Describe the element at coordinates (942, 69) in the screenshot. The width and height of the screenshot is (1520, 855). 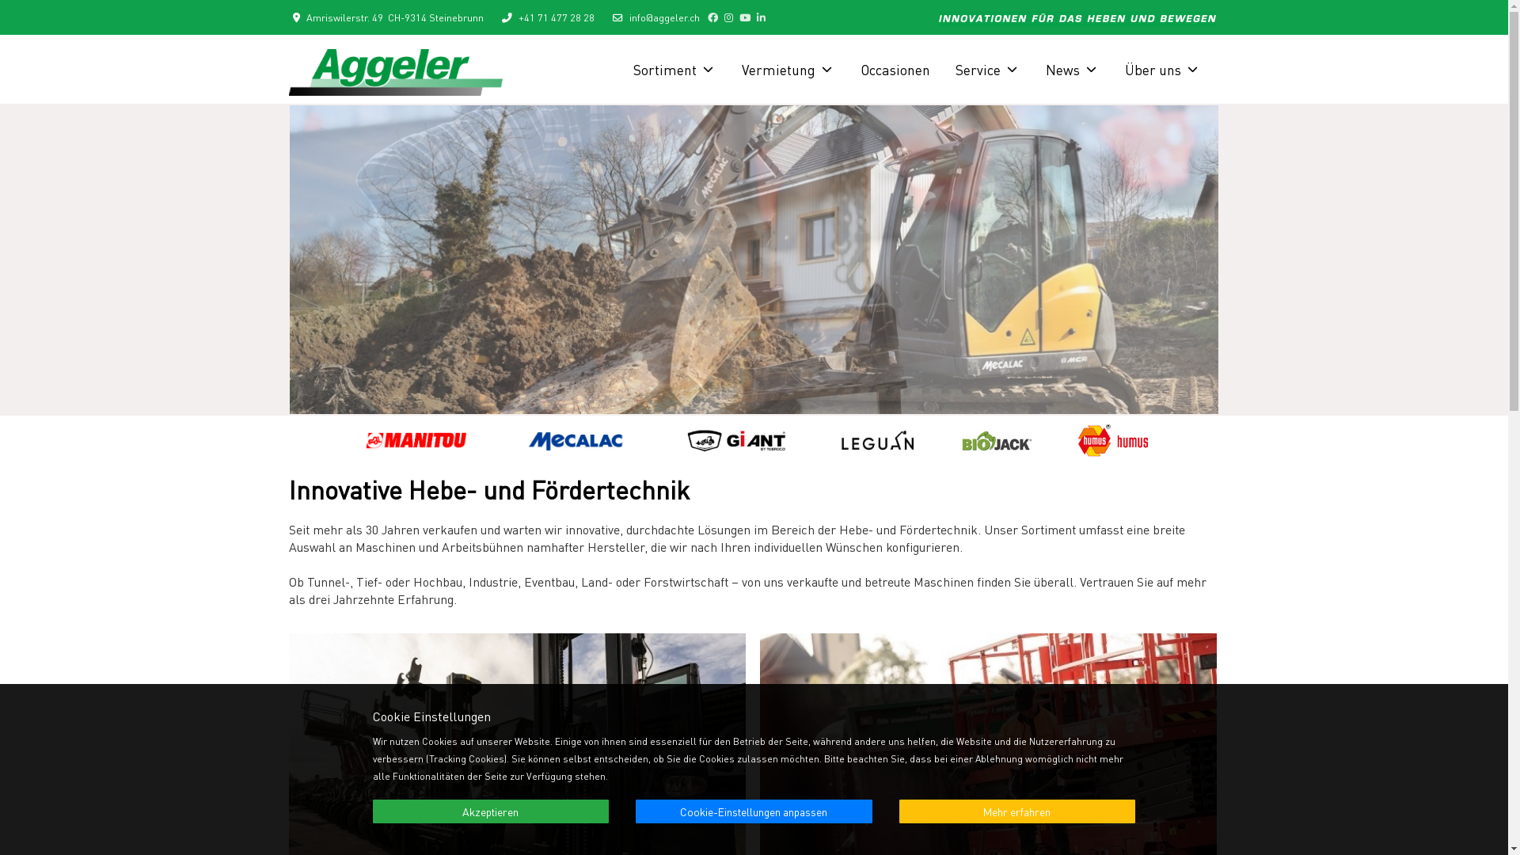
I see `'Service'` at that location.